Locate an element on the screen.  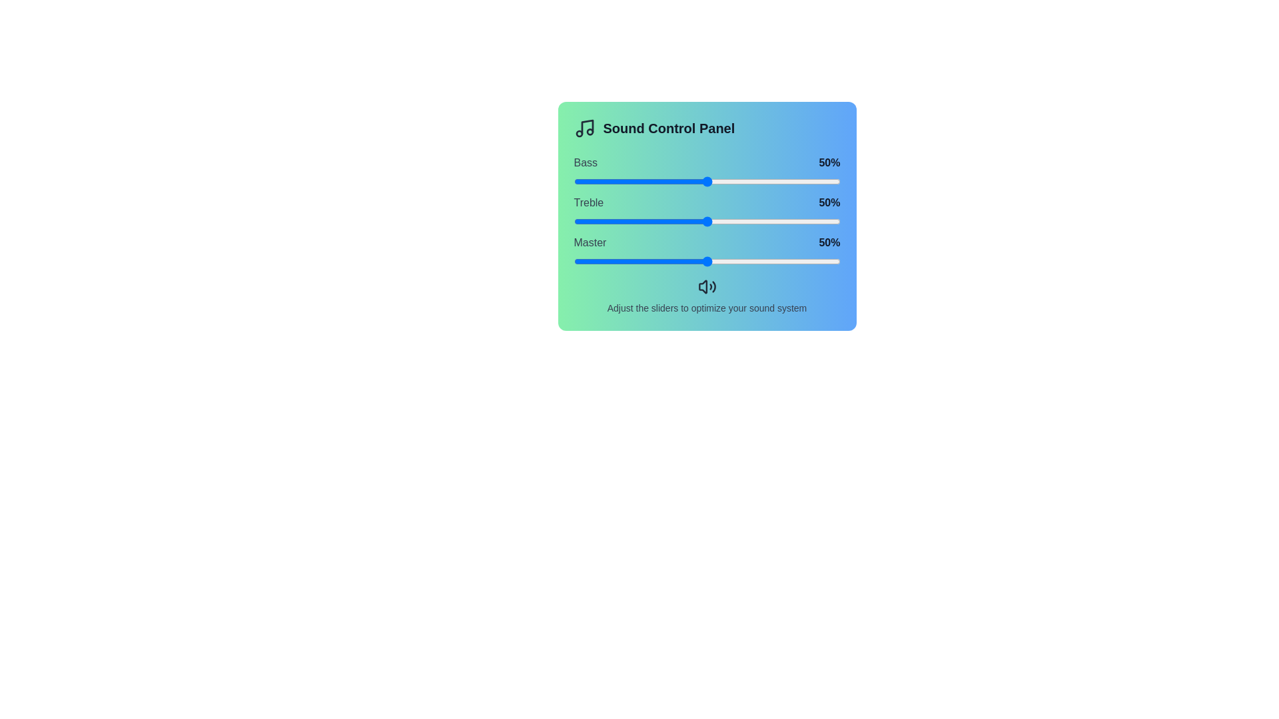
the instruction text below the sliders is located at coordinates (706, 295).